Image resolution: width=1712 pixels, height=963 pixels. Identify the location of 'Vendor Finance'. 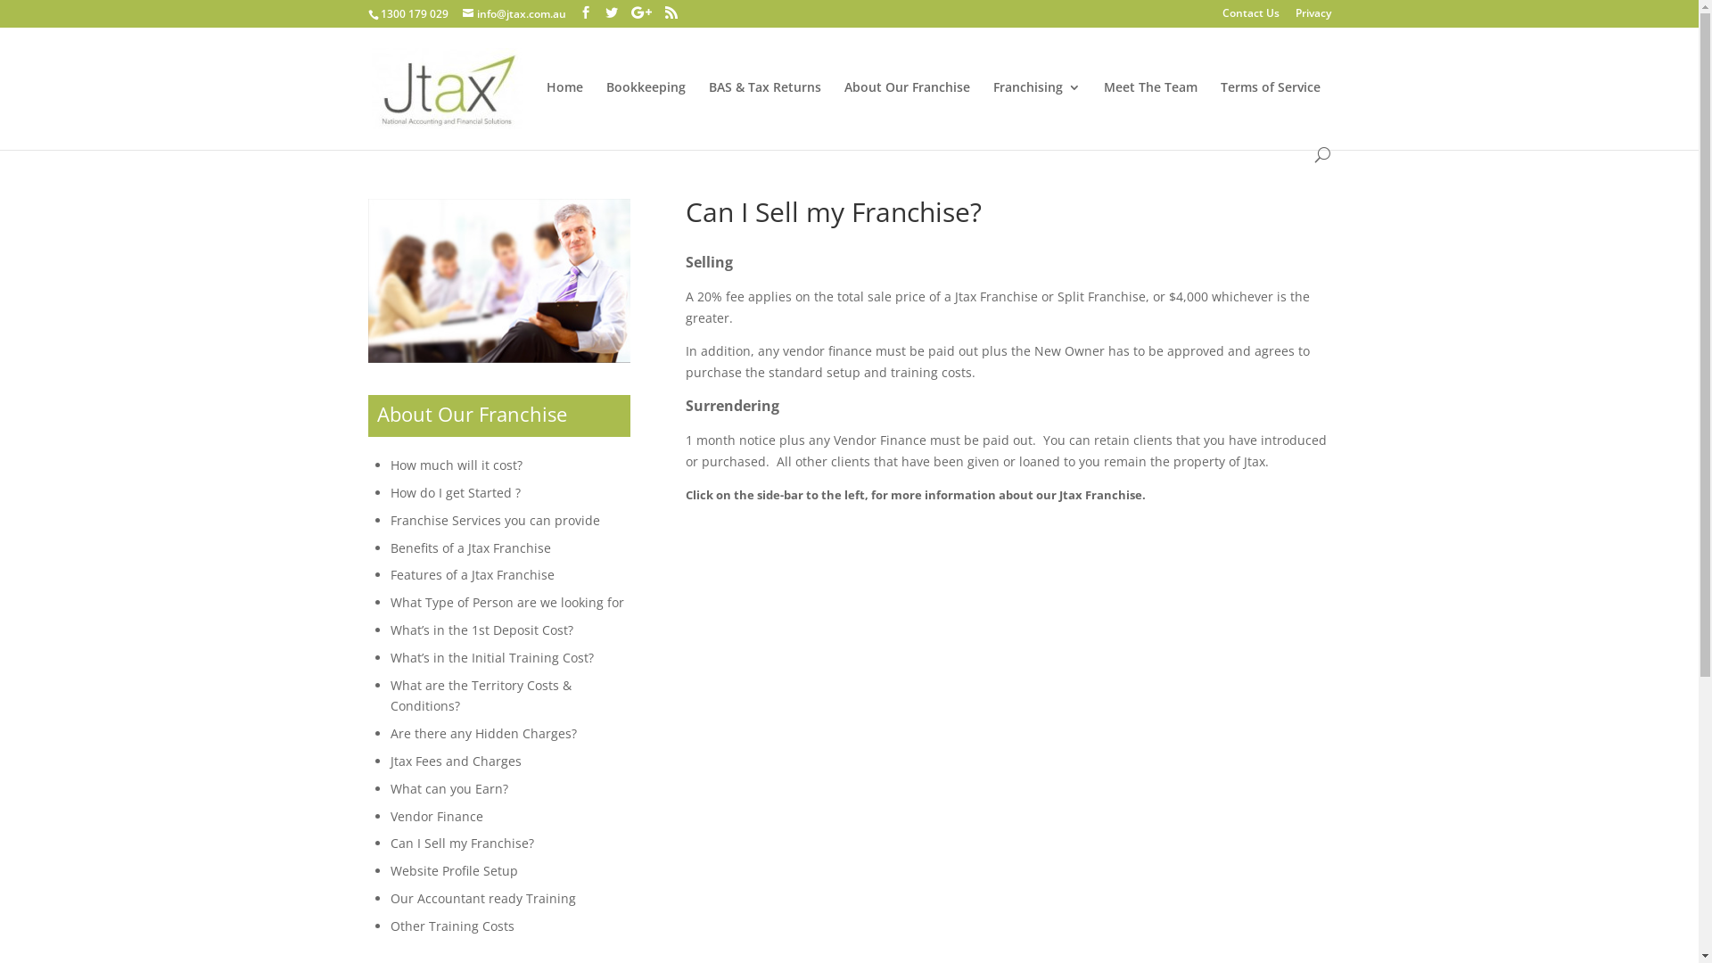
(436, 816).